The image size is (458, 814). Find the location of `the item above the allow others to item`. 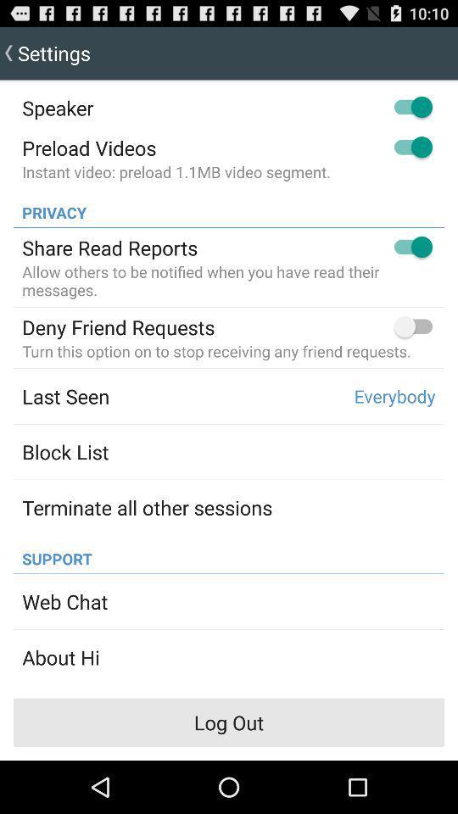

the item above the allow others to item is located at coordinates (109, 247).